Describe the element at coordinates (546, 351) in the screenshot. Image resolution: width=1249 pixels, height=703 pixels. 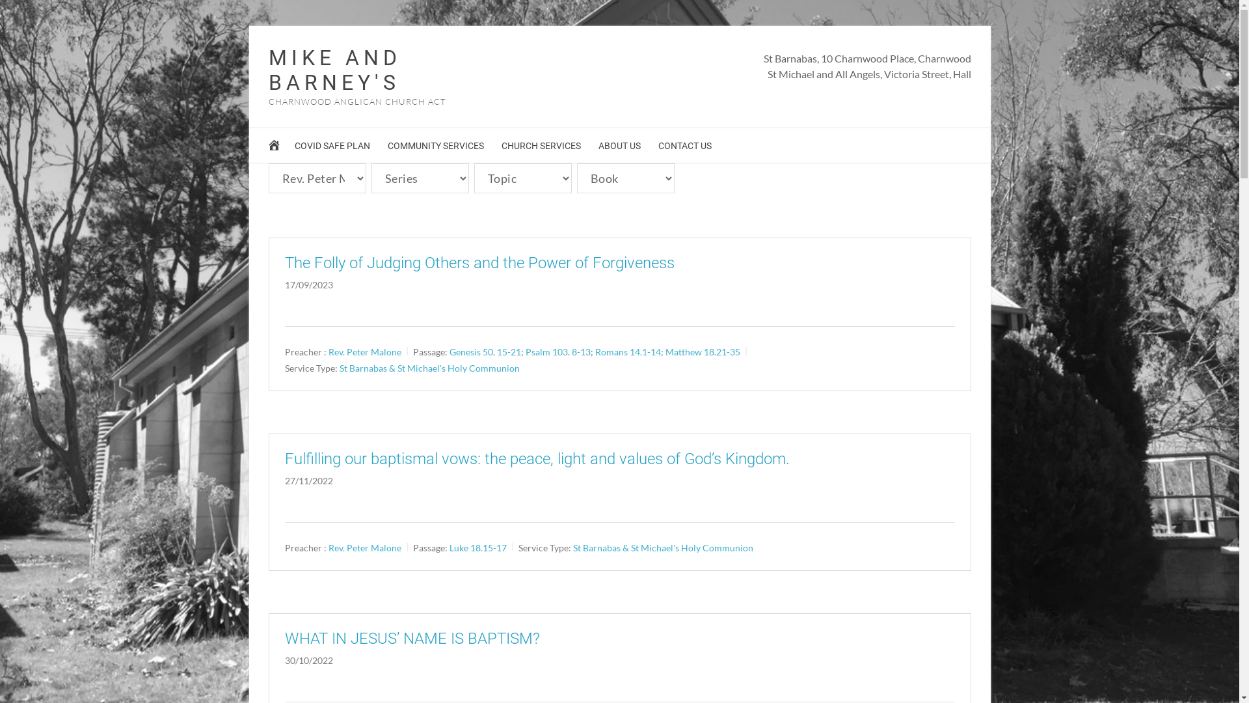
I see `'Psalm 103'` at that location.